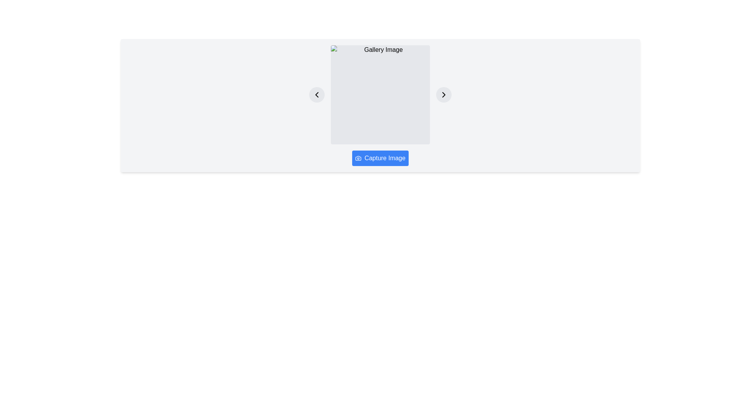 The height and width of the screenshot is (418, 743). What do you see at coordinates (358, 158) in the screenshot?
I see `the SVG camera icon located towards the upper portion of the interface, to the left of the 'Capture Image' button` at bounding box center [358, 158].